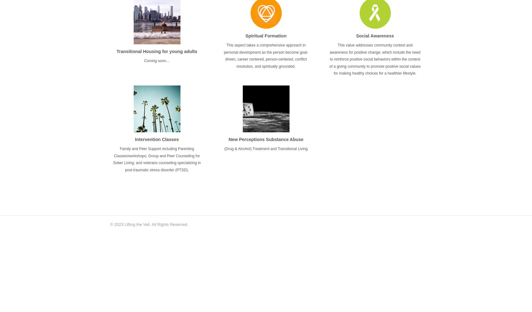  Describe the element at coordinates (266, 35) in the screenshot. I see `'Spiritual Formation'` at that location.